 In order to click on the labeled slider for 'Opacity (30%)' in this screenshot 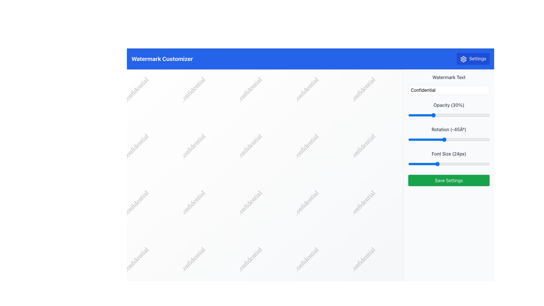, I will do `click(449, 110)`.